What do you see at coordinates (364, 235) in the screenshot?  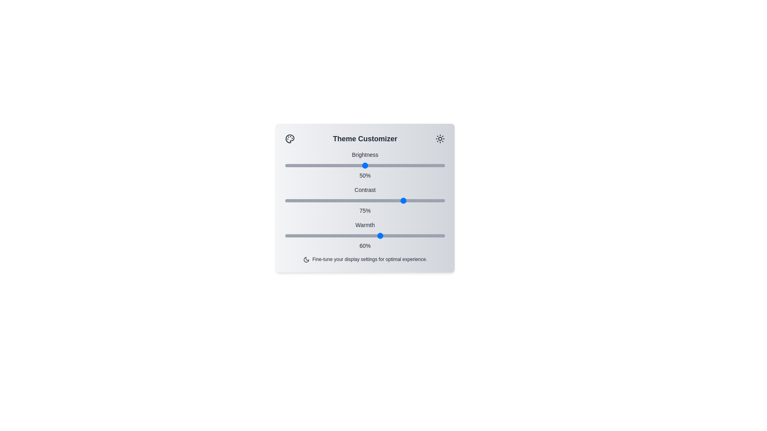 I see `the slider for warmth` at bounding box center [364, 235].